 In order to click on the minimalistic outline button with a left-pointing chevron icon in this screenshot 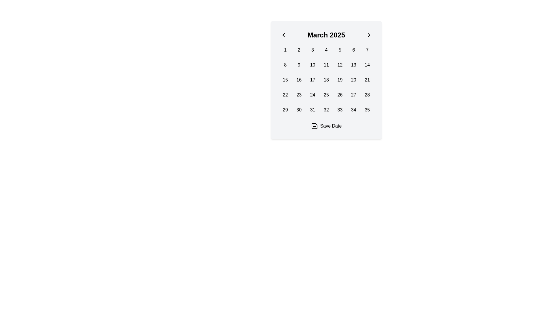, I will do `click(283, 35)`.